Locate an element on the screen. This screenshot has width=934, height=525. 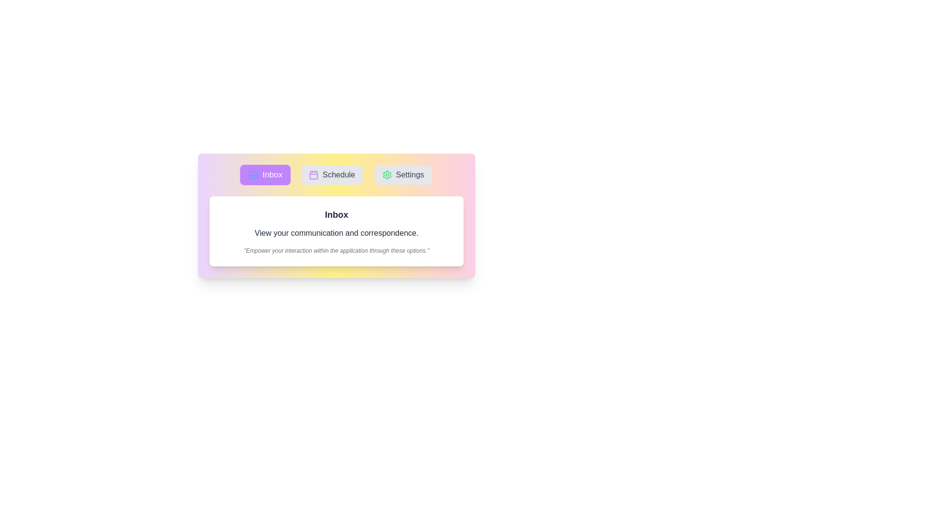
the Settings tab to switch its content is located at coordinates (403, 174).